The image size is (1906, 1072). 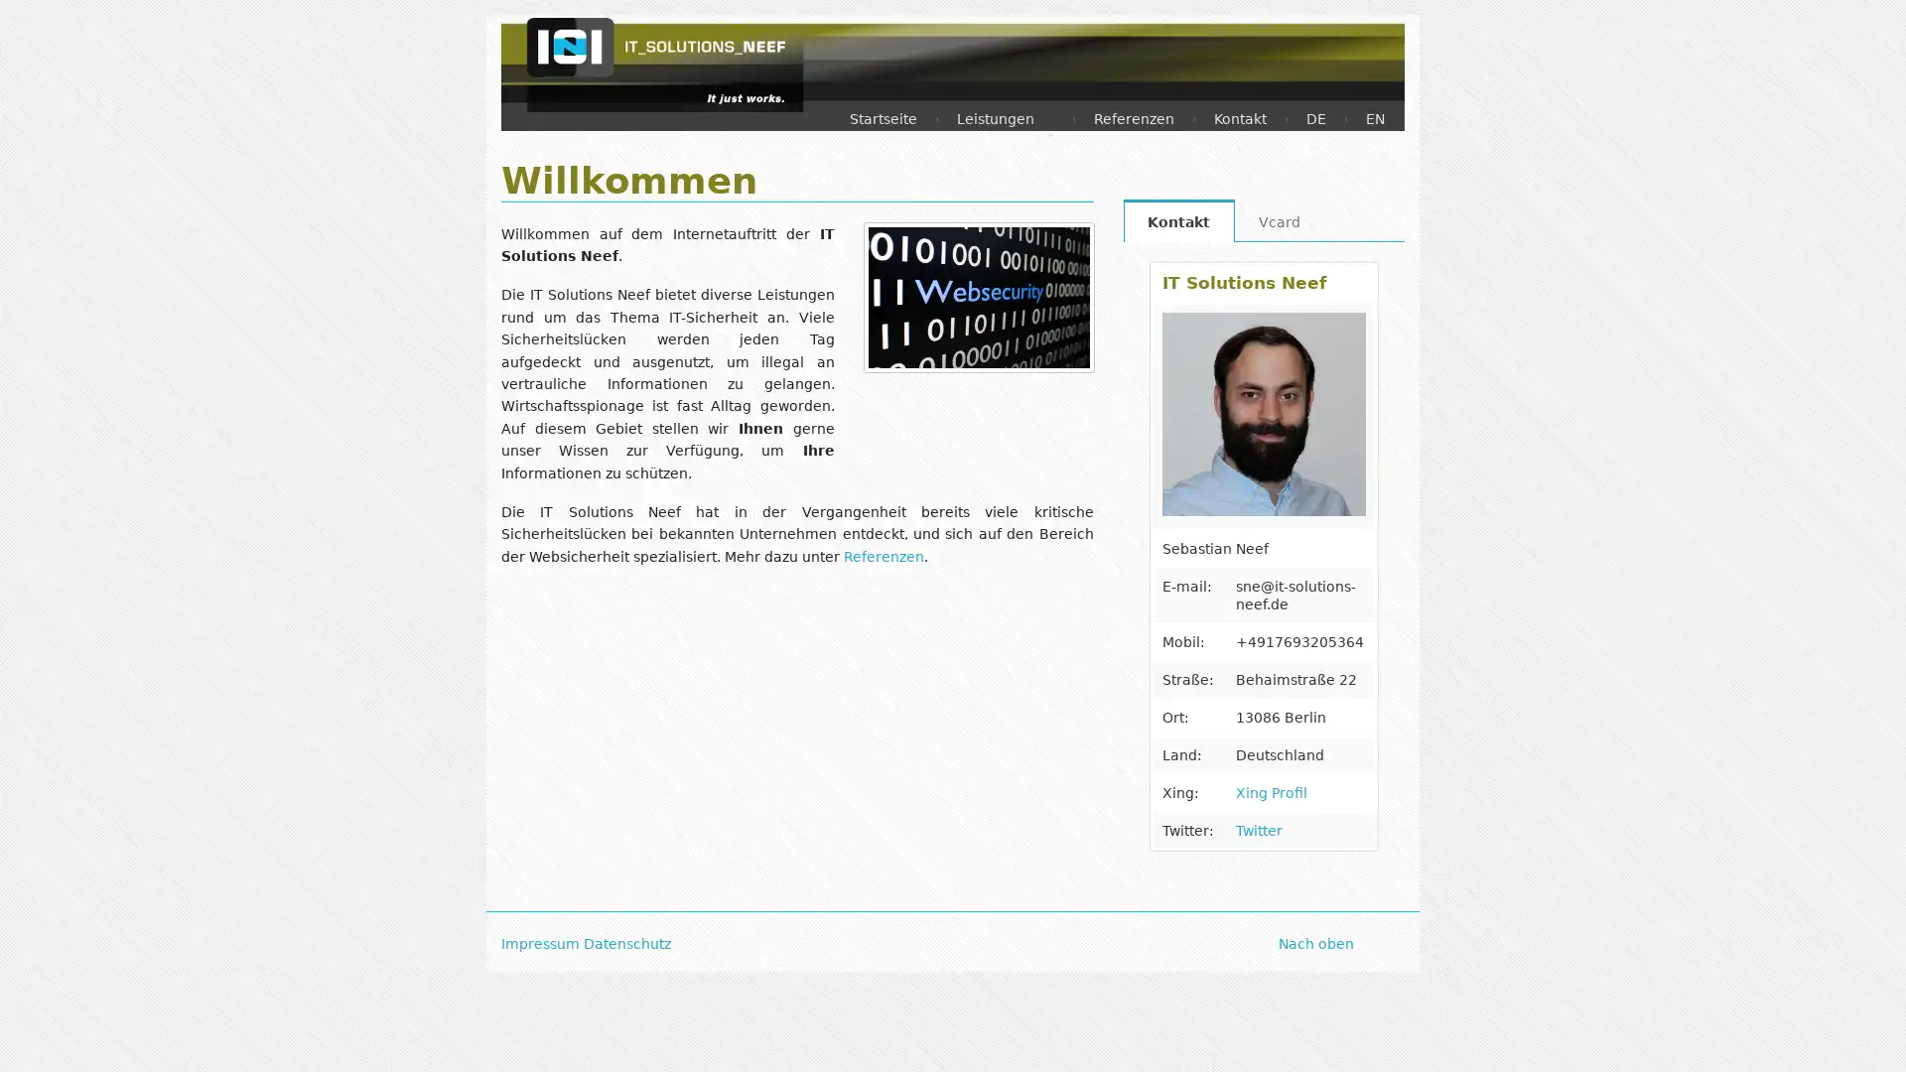 What do you see at coordinates (1807, 1035) in the screenshot?
I see `dismiss cookie message` at bounding box center [1807, 1035].